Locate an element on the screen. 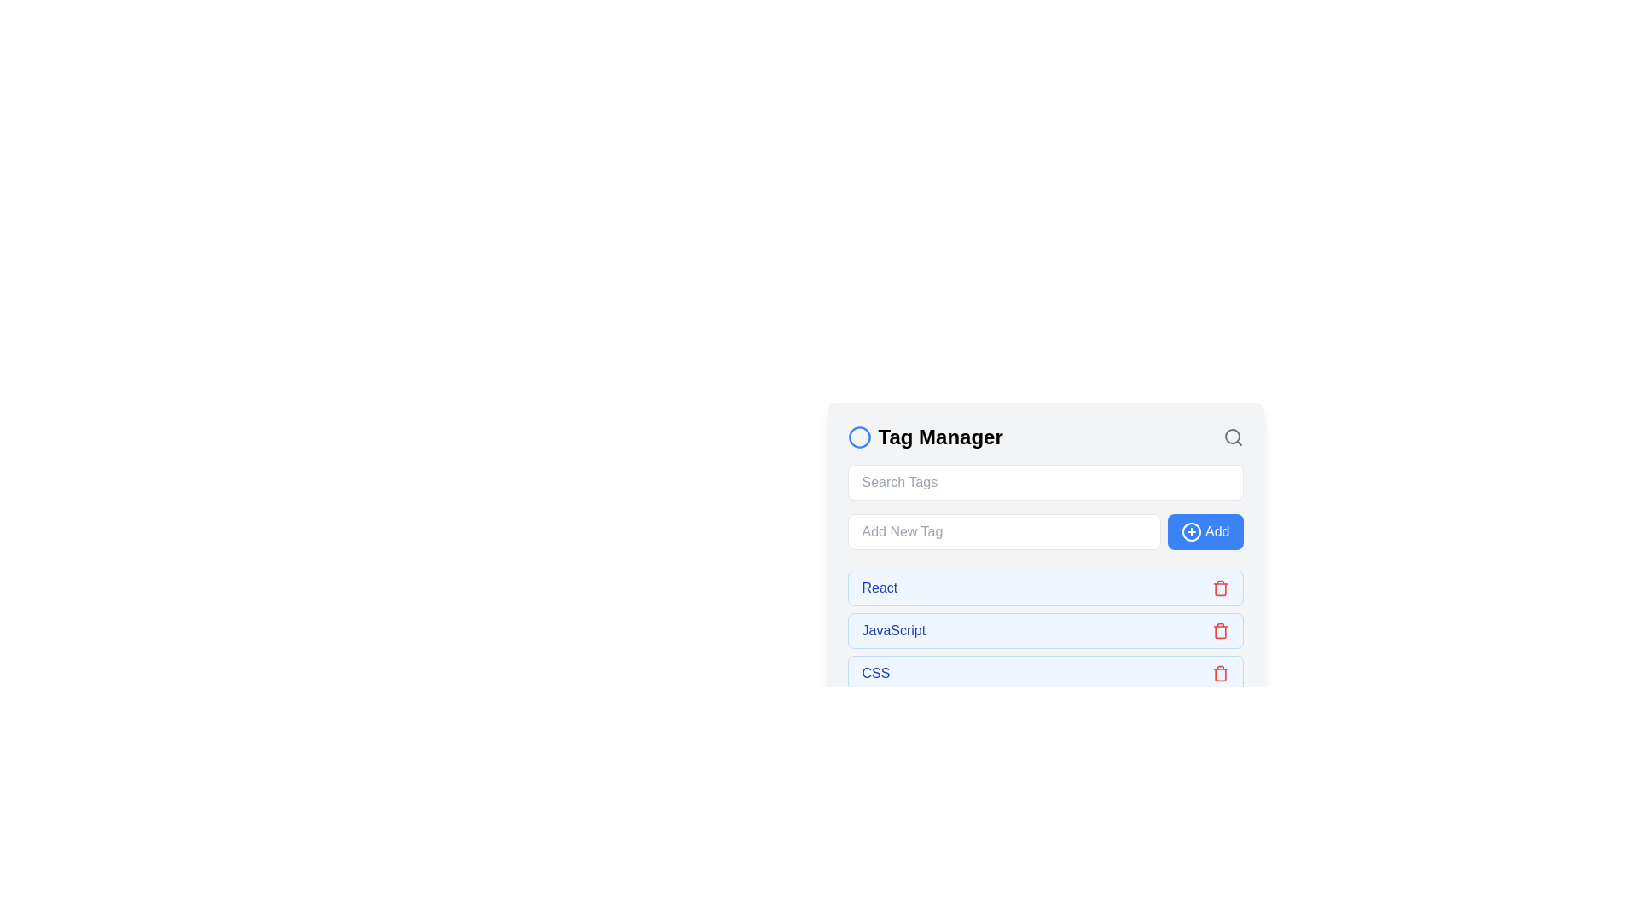 Image resolution: width=1638 pixels, height=921 pixels. the circular icon component within the SVG group that visually contributes to the search button in the top-right corner of the interface is located at coordinates (1232, 436).